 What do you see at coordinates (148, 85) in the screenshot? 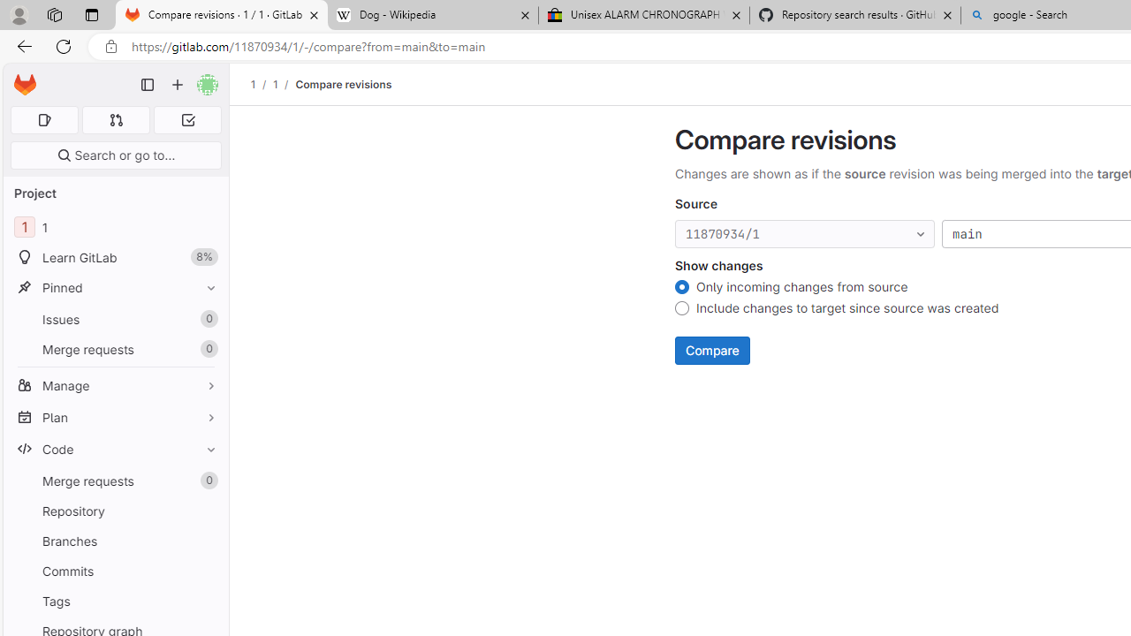
I see `'Primary navigation sidebar'` at bounding box center [148, 85].